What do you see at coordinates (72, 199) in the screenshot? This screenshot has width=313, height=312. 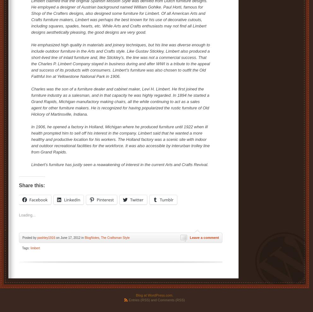 I see `'LinkedIn'` at bounding box center [72, 199].